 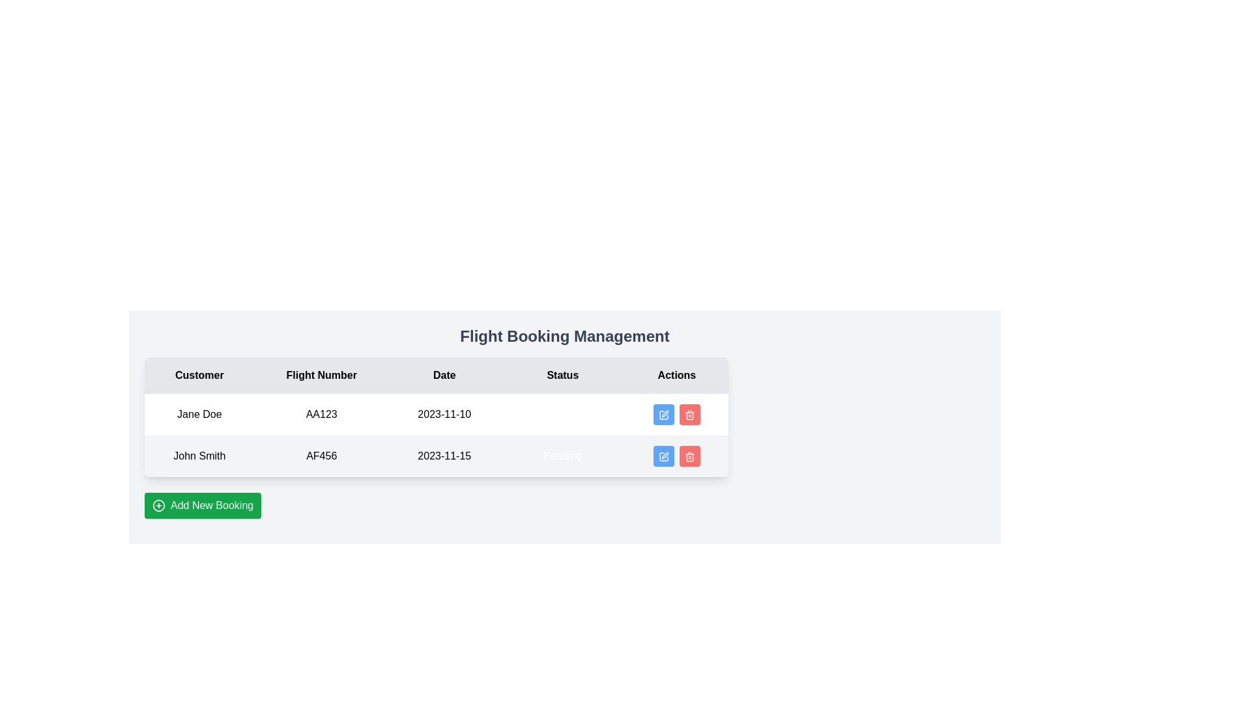 What do you see at coordinates (444, 376) in the screenshot?
I see `the 'Date' text label in the table header, which is the third column header from the left, with a bold font and black text on a light gray background` at bounding box center [444, 376].